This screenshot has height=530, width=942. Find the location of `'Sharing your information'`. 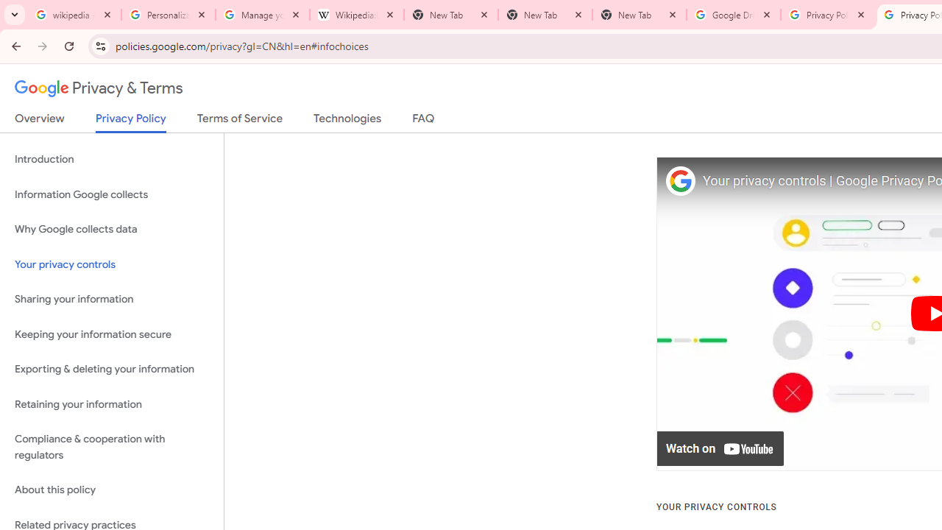

'Sharing your information' is located at coordinates (111, 299).